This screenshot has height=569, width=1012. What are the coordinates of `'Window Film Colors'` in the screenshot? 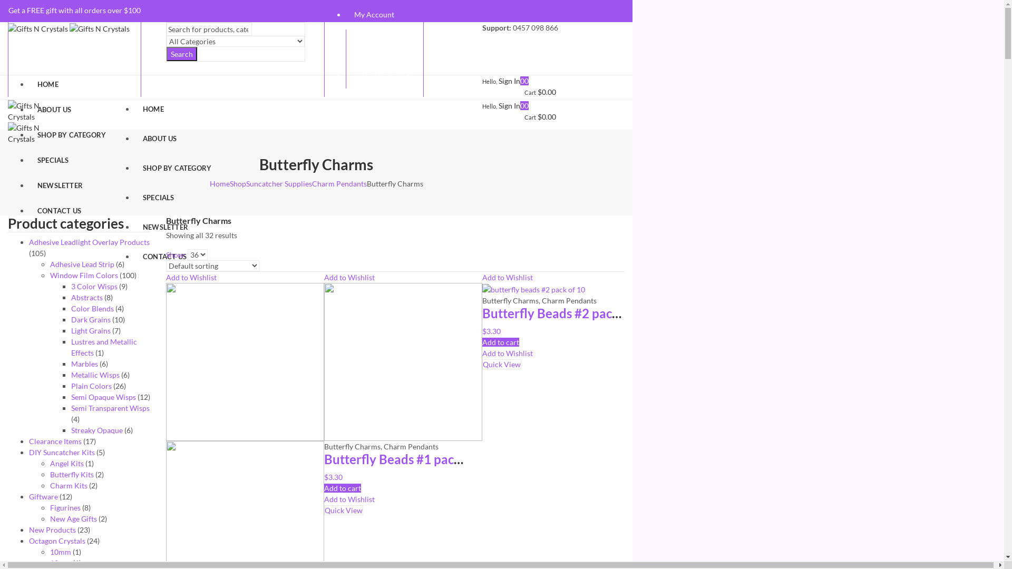 It's located at (50, 274).